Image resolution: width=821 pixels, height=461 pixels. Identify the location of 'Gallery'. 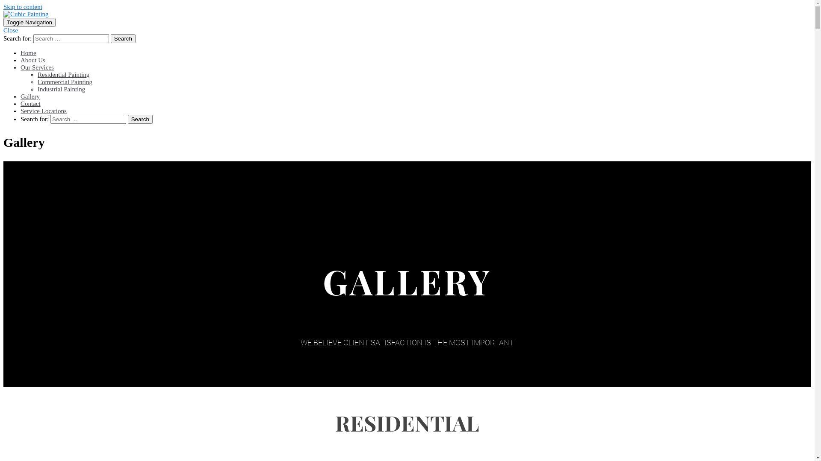
(30, 96).